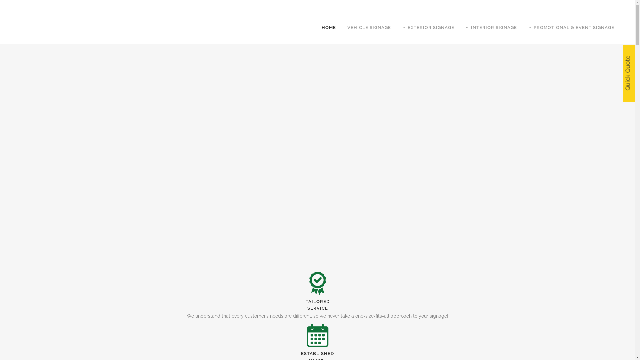 This screenshot has height=360, width=640. What do you see at coordinates (539, 5) in the screenshot?
I see `'ABOUT US'` at bounding box center [539, 5].